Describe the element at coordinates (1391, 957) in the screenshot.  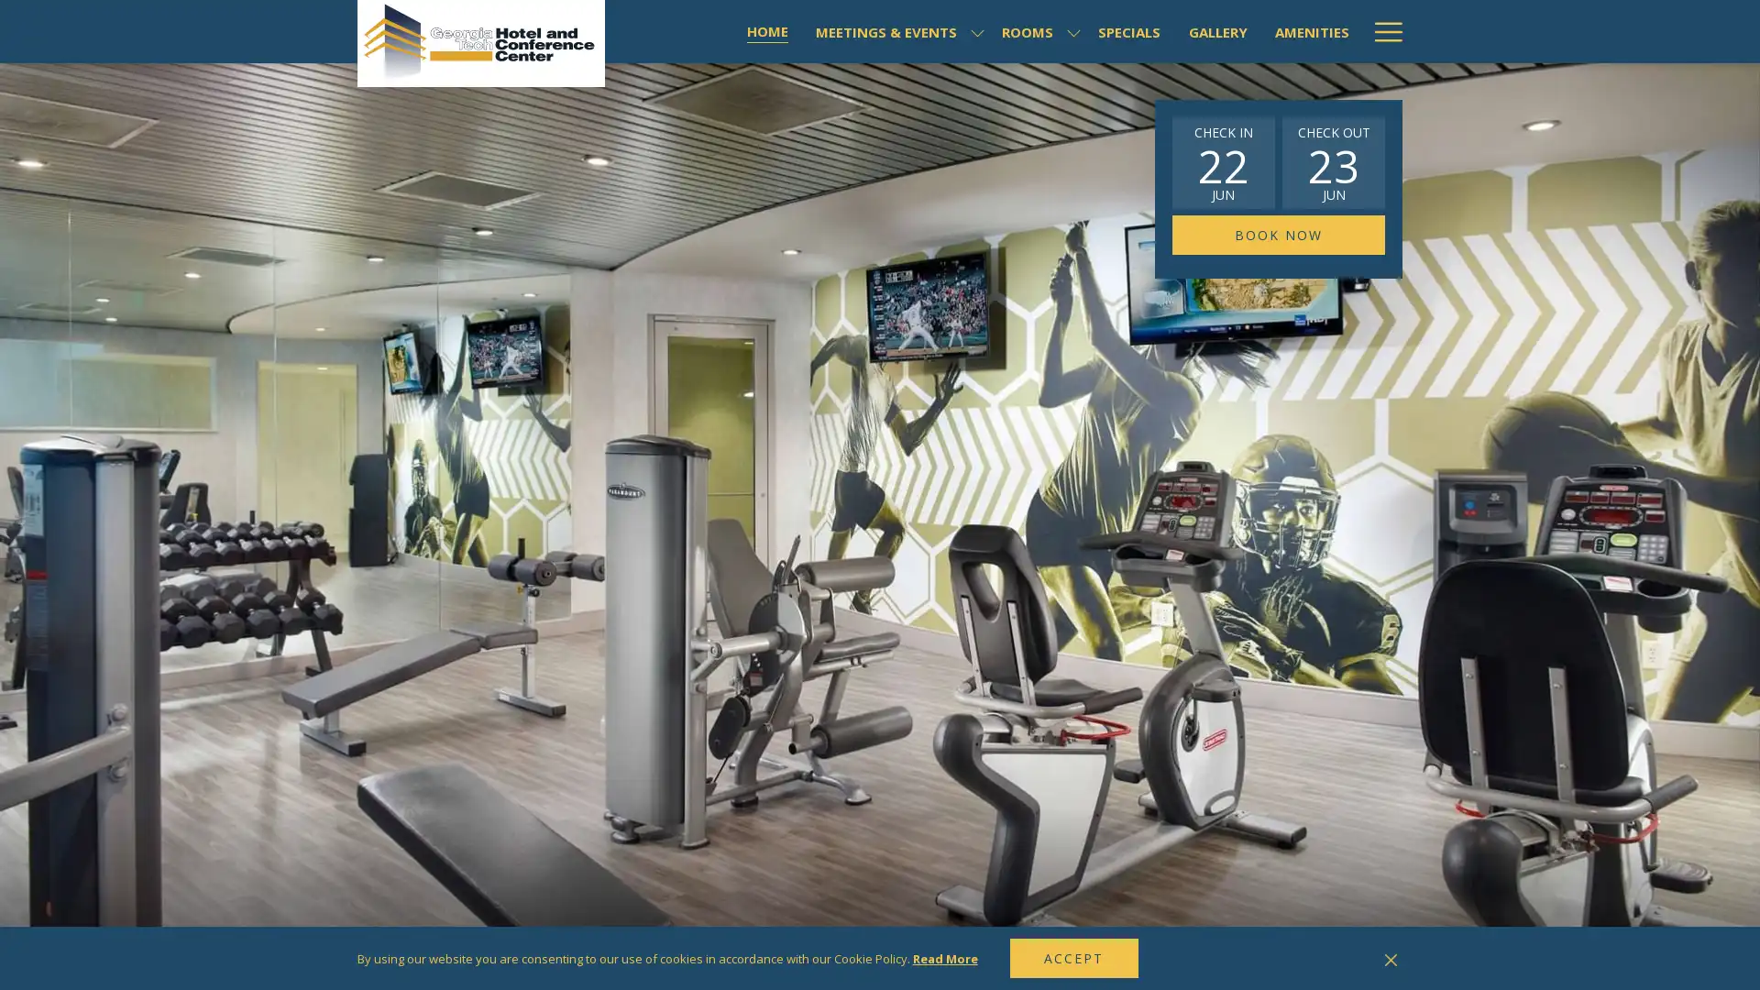
I see `Dismiss cookie policy` at that location.